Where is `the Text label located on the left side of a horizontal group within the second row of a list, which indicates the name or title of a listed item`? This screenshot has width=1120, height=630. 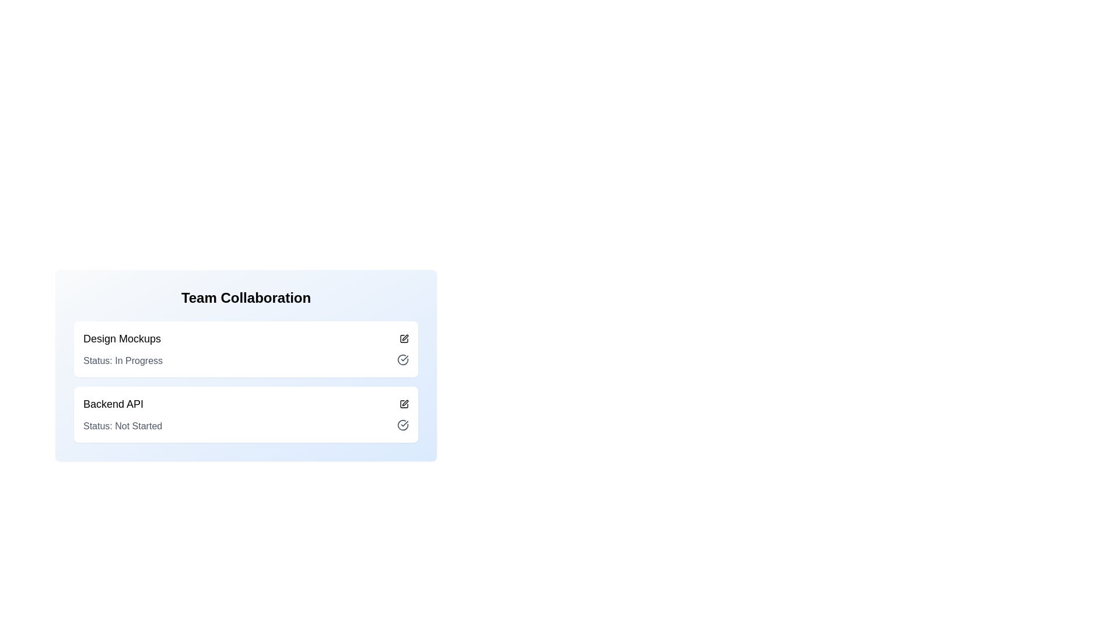
the Text label located on the left side of a horizontal group within the second row of a list, which indicates the name or title of a listed item is located at coordinates (113, 404).